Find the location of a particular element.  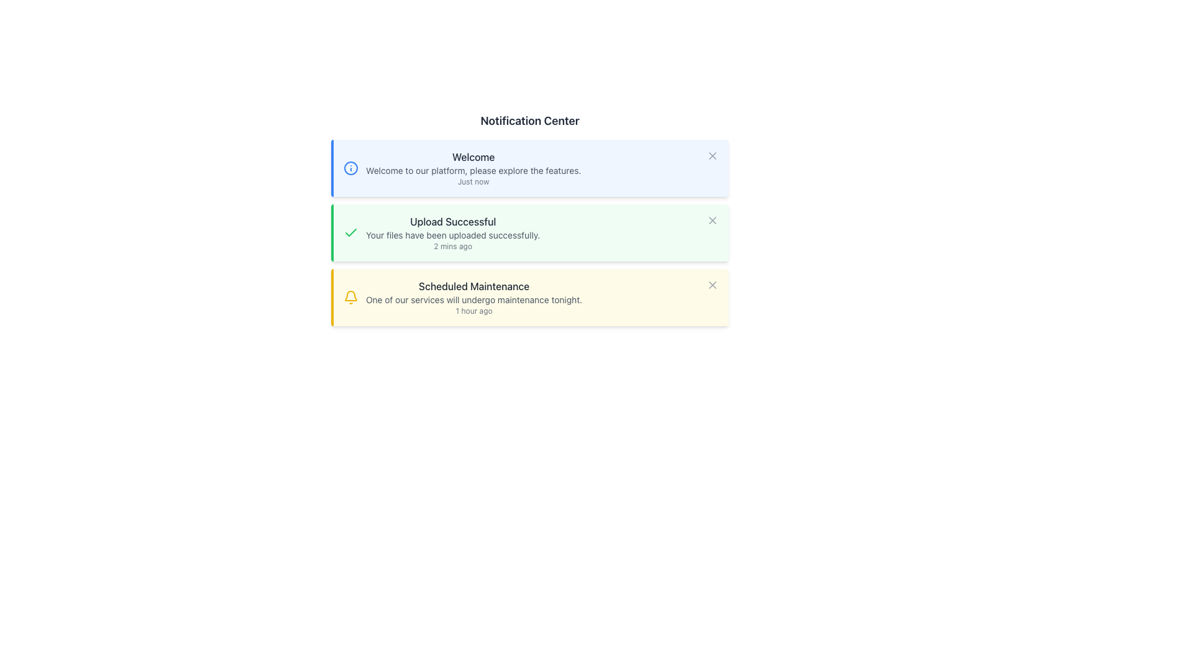

the informational note icon positioned to the far-left of the first notification entry, directly preceding the 'Welcome' text block is located at coordinates (350, 168).